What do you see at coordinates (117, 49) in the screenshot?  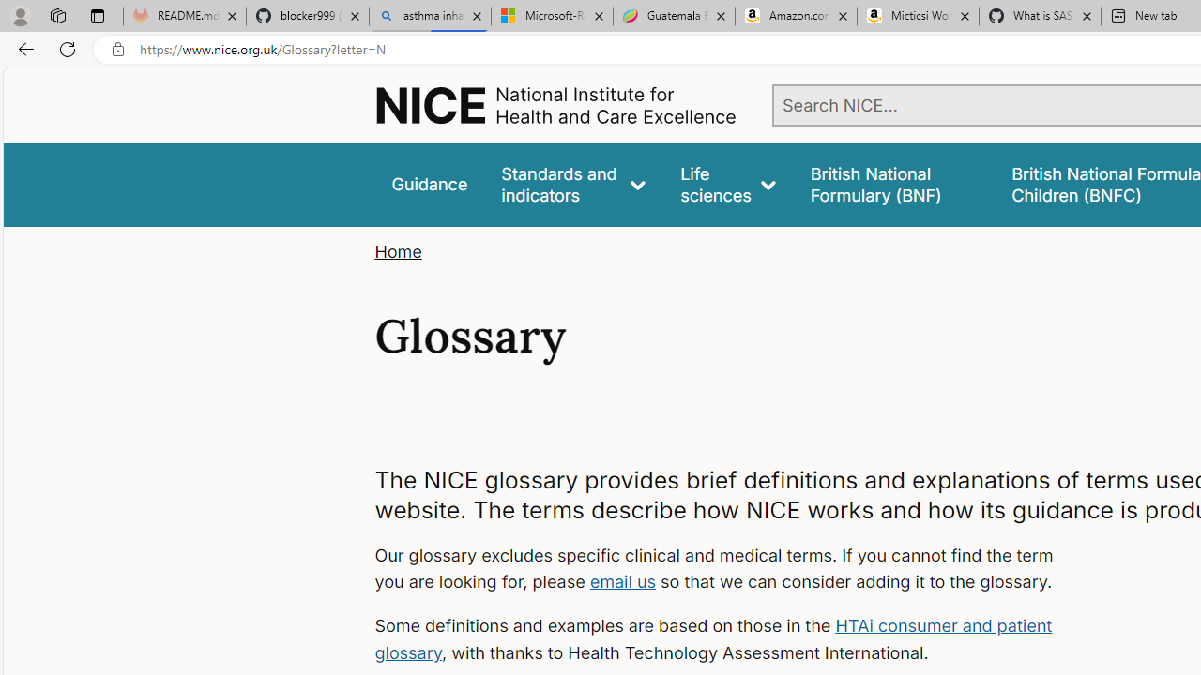 I see `'View site information'` at bounding box center [117, 49].